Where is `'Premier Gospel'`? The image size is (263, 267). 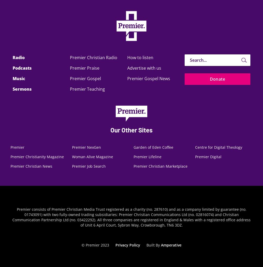
'Premier Gospel' is located at coordinates (85, 78).